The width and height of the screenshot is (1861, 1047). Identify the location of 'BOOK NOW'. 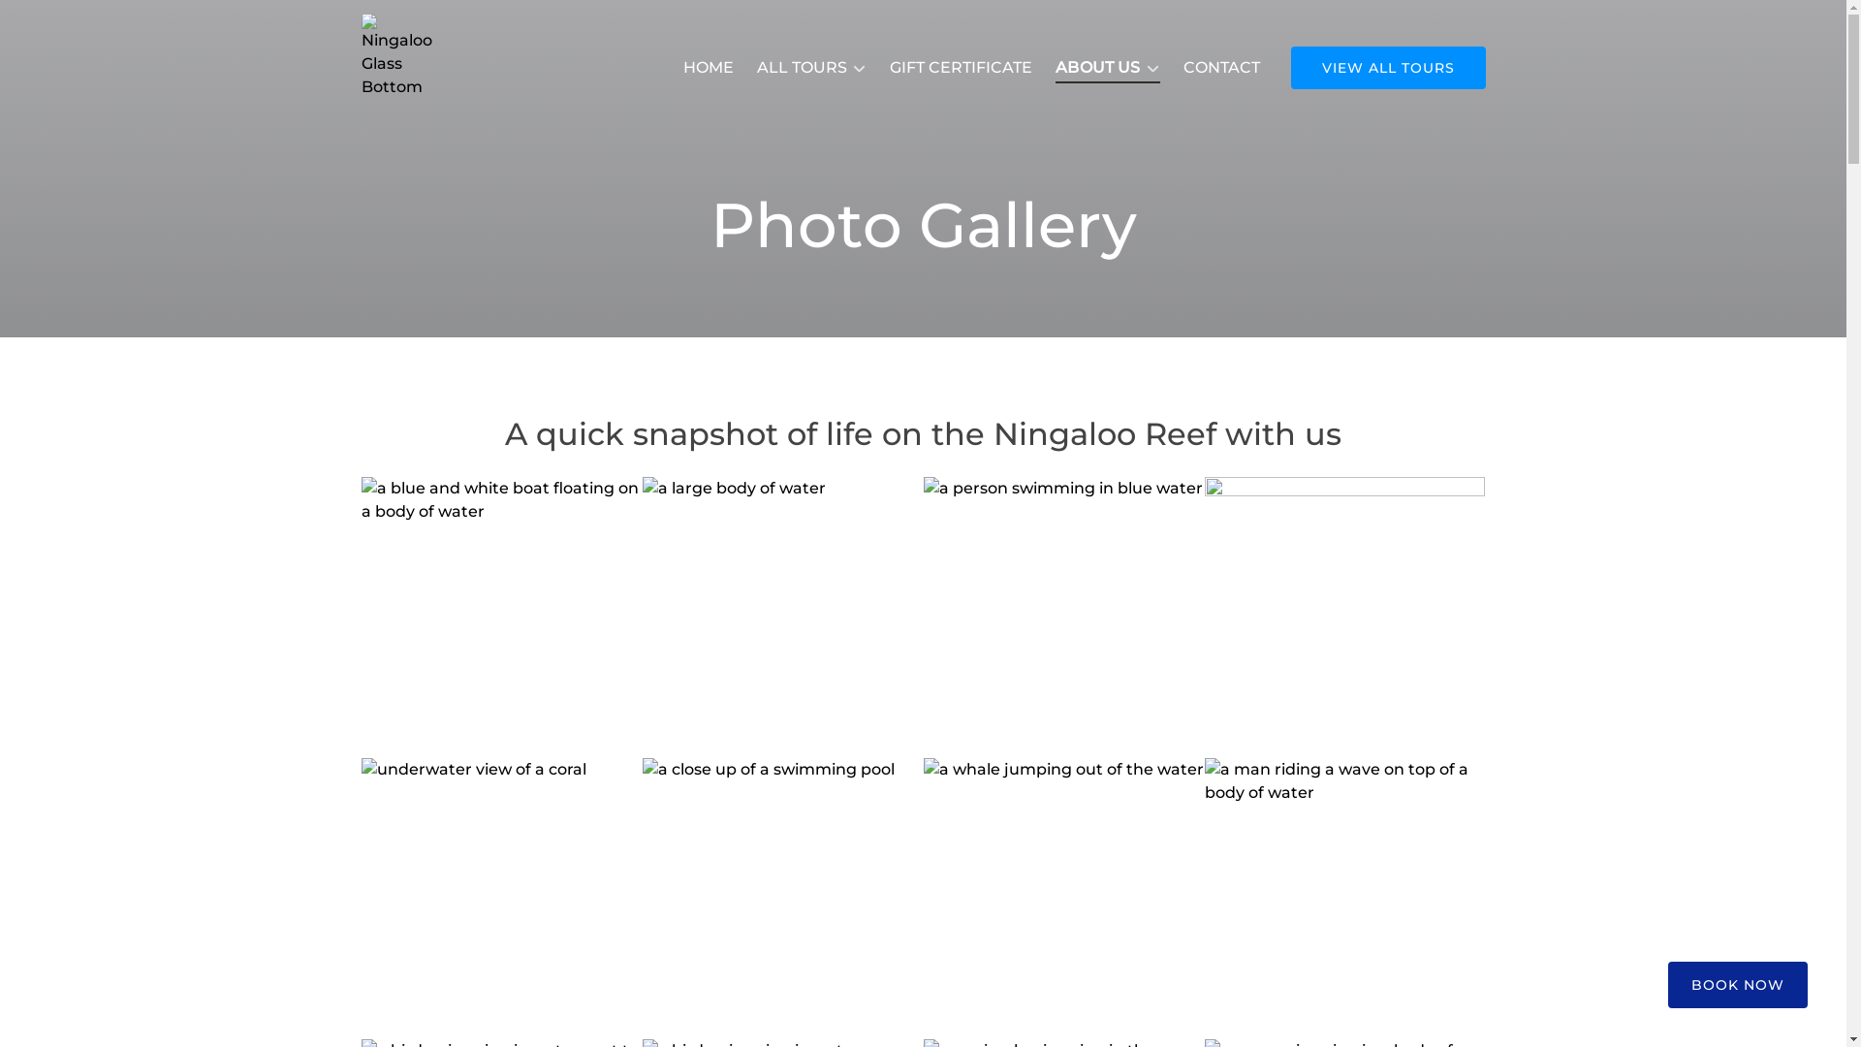
(1667, 972).